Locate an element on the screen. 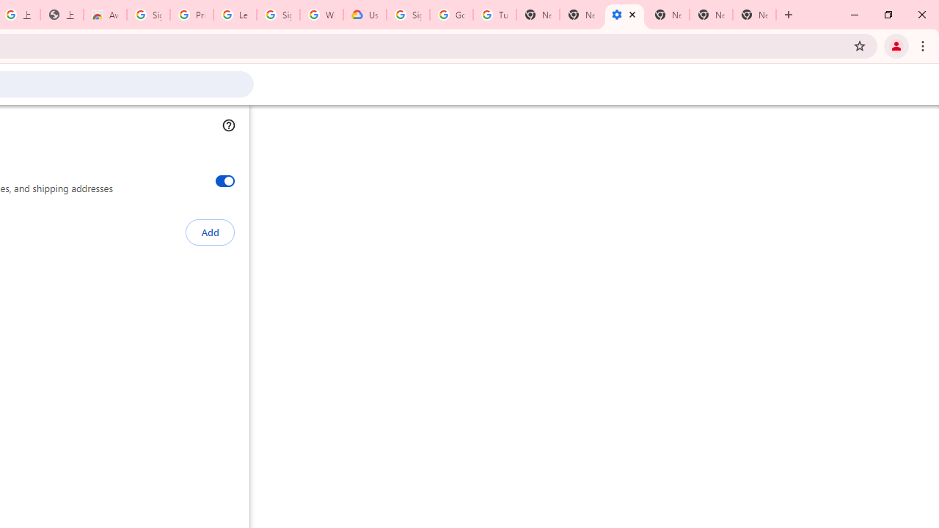 This screenshot has height=528, width=939. 'New Tab' is located at coordinates (754, 15).